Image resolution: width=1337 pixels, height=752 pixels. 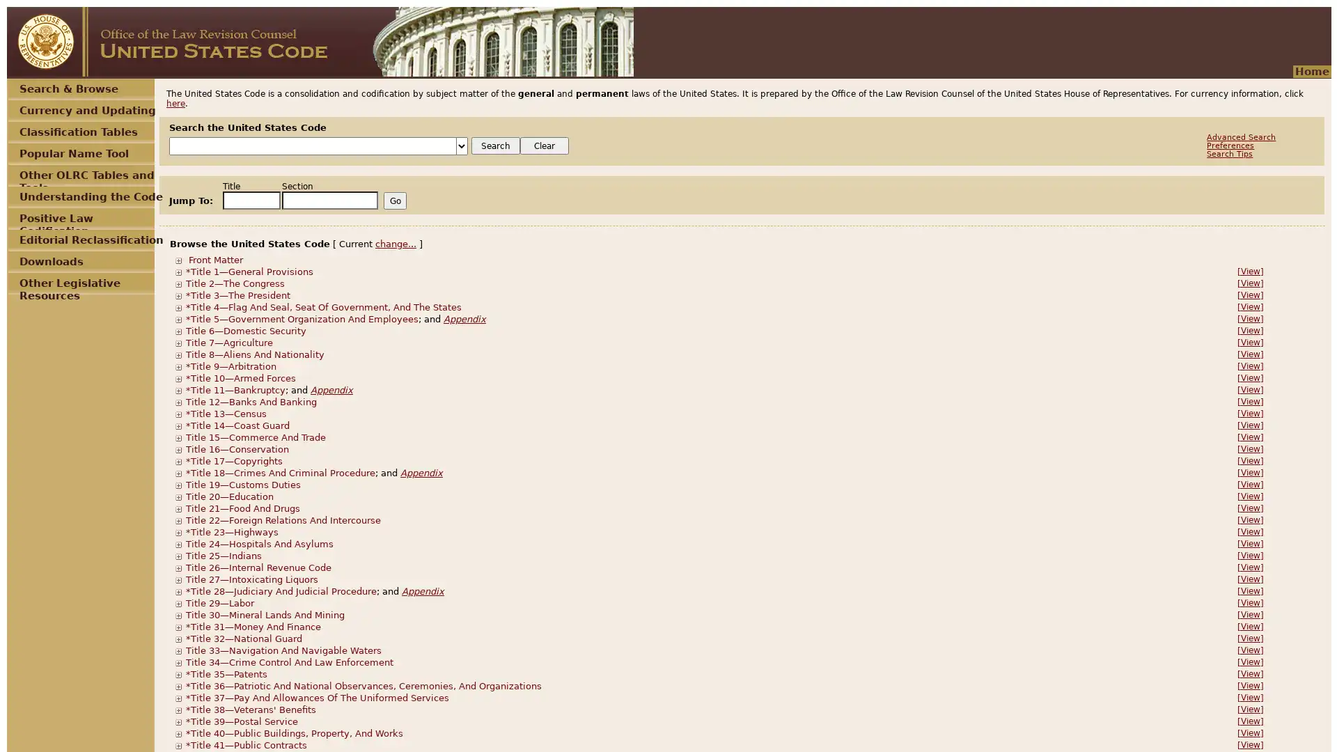 I want to click on Clear, so click(x=544, y=146).